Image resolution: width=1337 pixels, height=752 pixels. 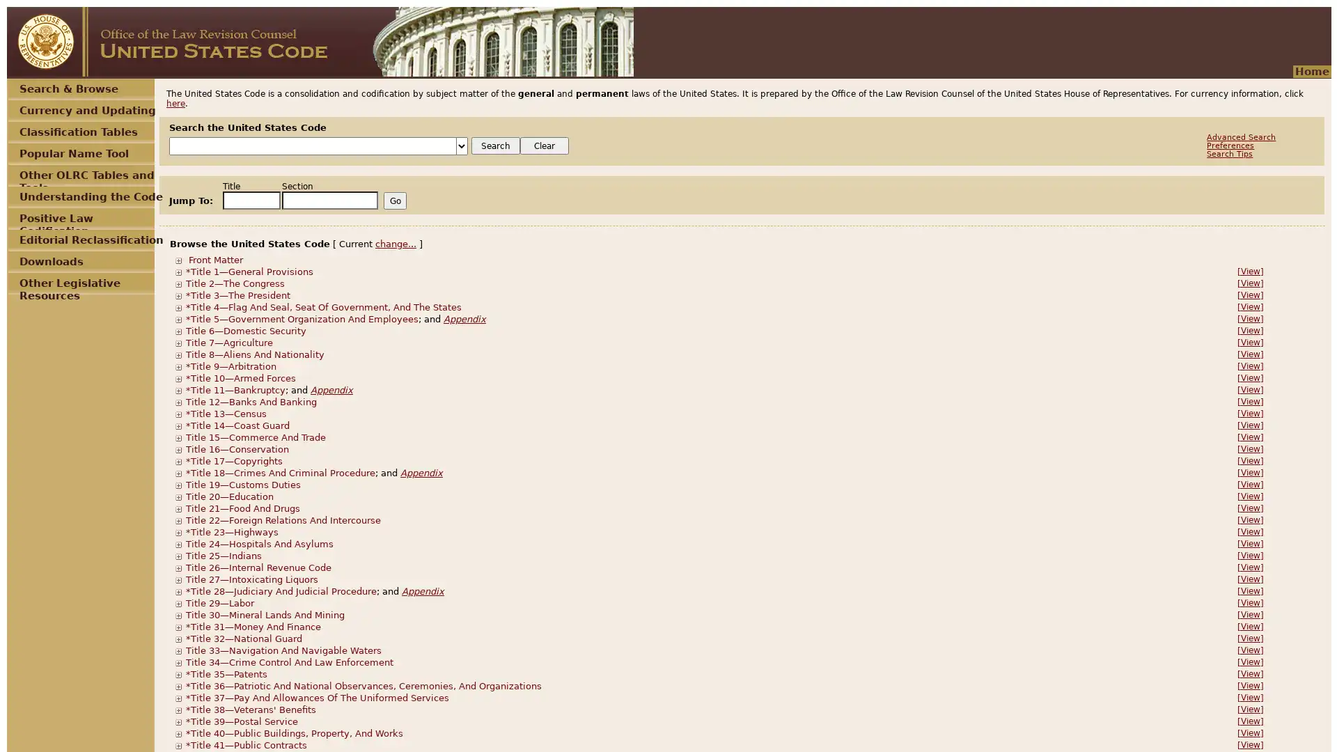 I want to click on Clear, so click(x=544, y=146).